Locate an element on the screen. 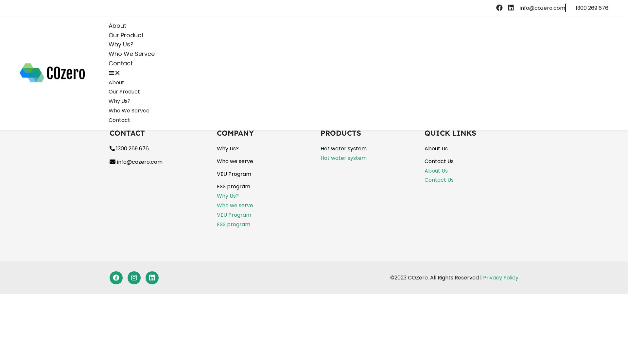 The width and height of the screenshot is (628, 353). 'About' is located at coordinates (117, 25).